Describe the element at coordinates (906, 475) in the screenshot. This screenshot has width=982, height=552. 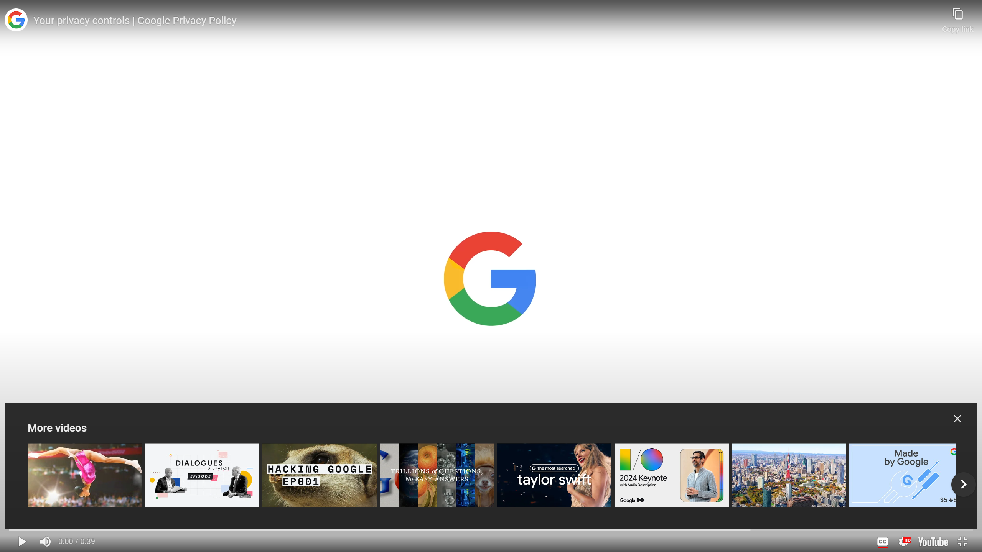
I see `'Made by Google Podcast S5E8 | Don'` at that location.